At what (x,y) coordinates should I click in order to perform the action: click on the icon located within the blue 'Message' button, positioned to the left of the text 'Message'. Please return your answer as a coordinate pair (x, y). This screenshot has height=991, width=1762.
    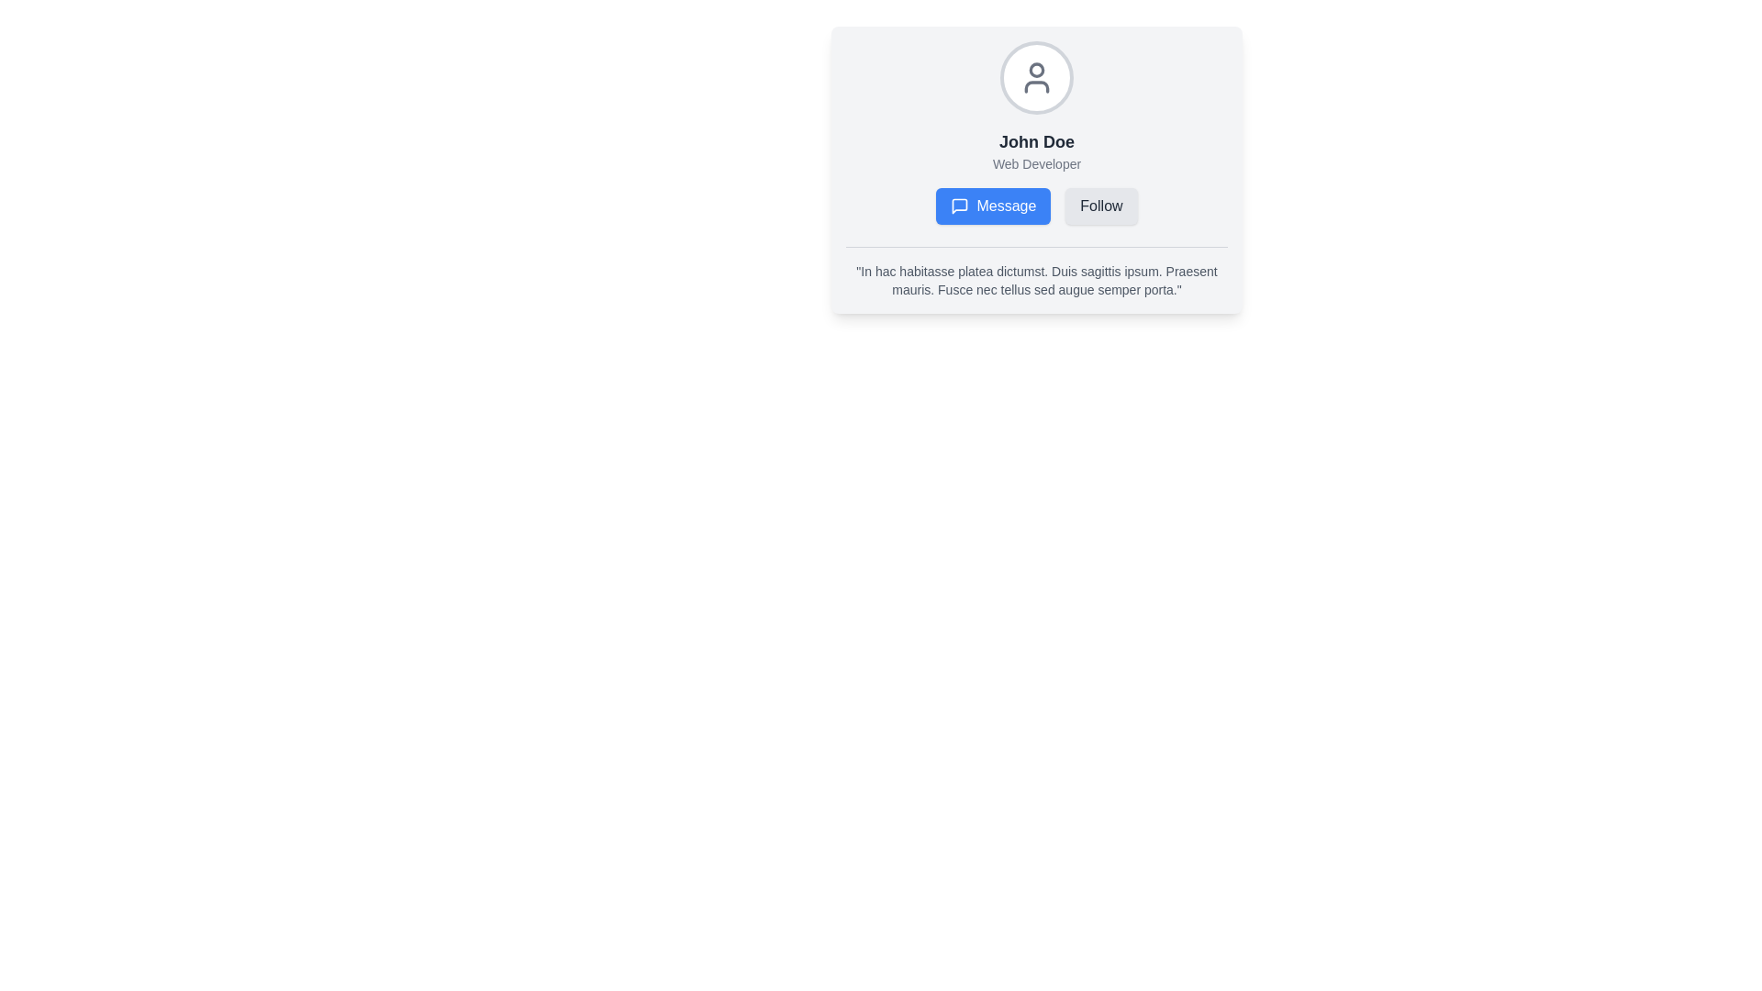
    Looking at the image, I should click on (959, 206).